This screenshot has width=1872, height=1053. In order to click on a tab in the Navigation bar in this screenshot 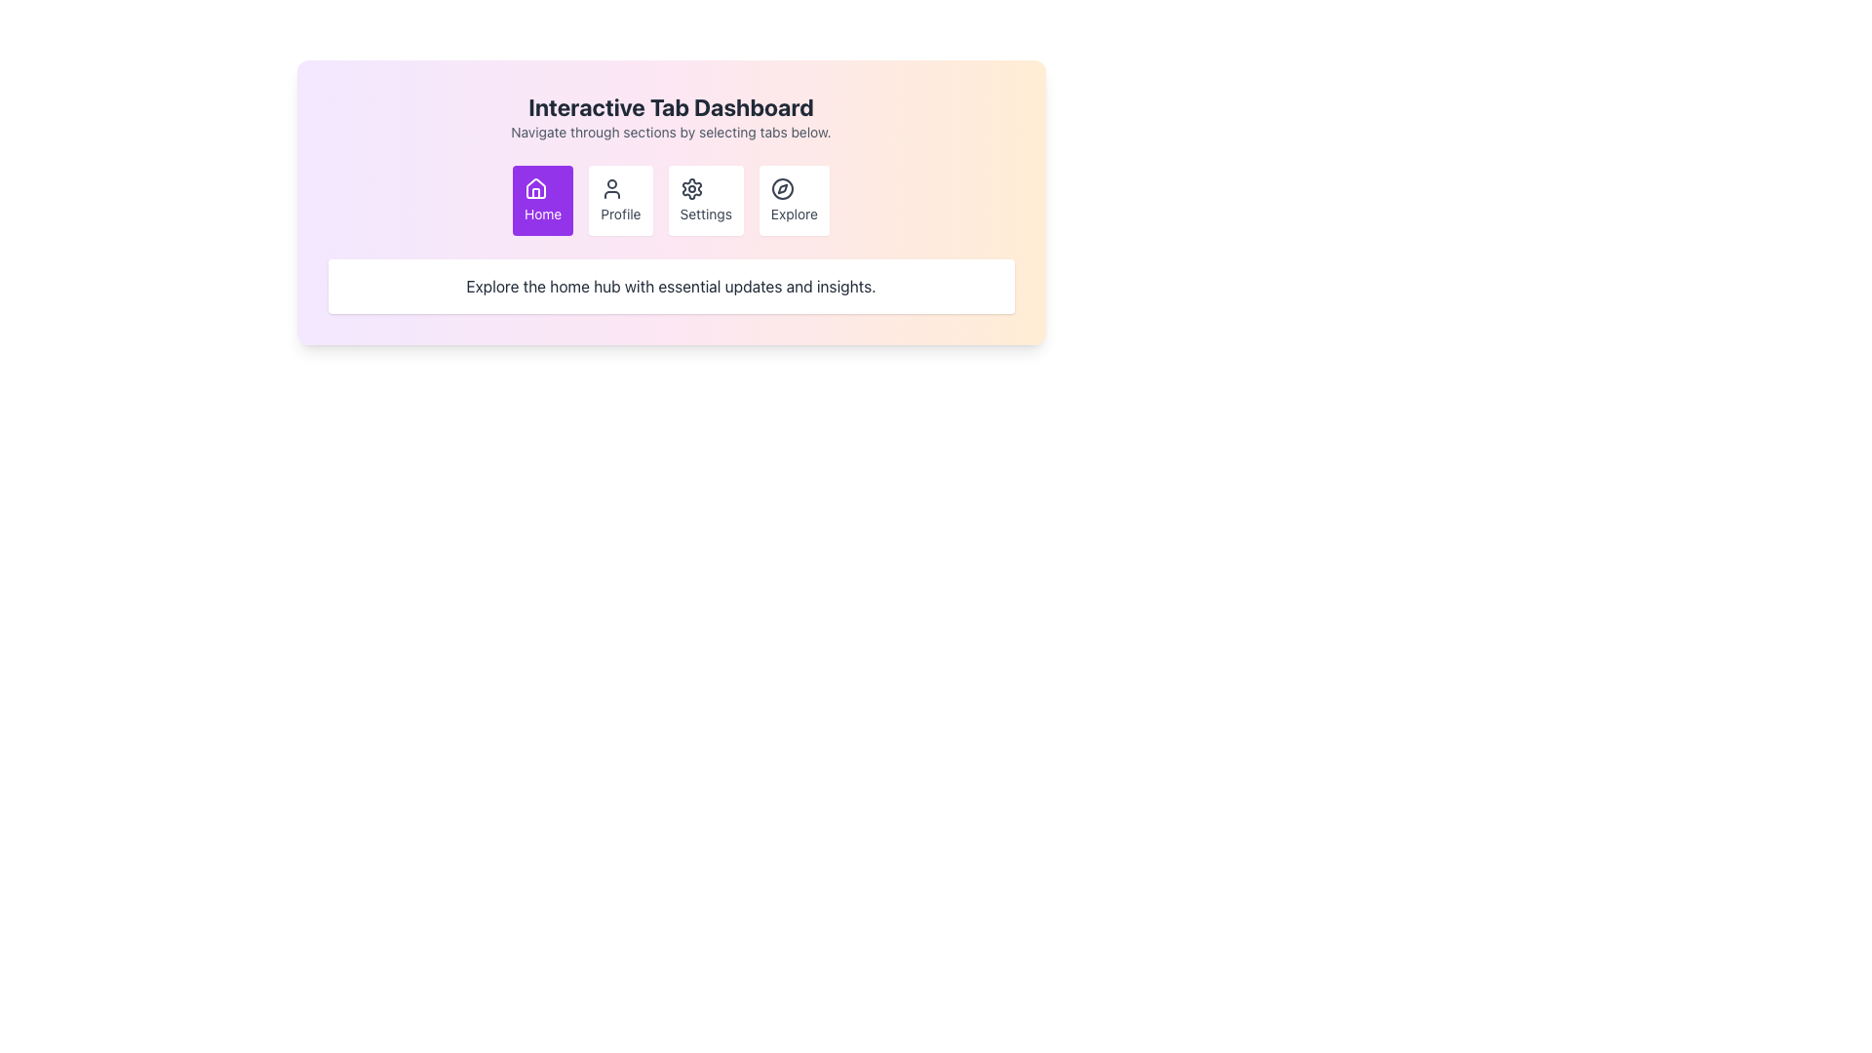, I will do `click(671, 200)`.